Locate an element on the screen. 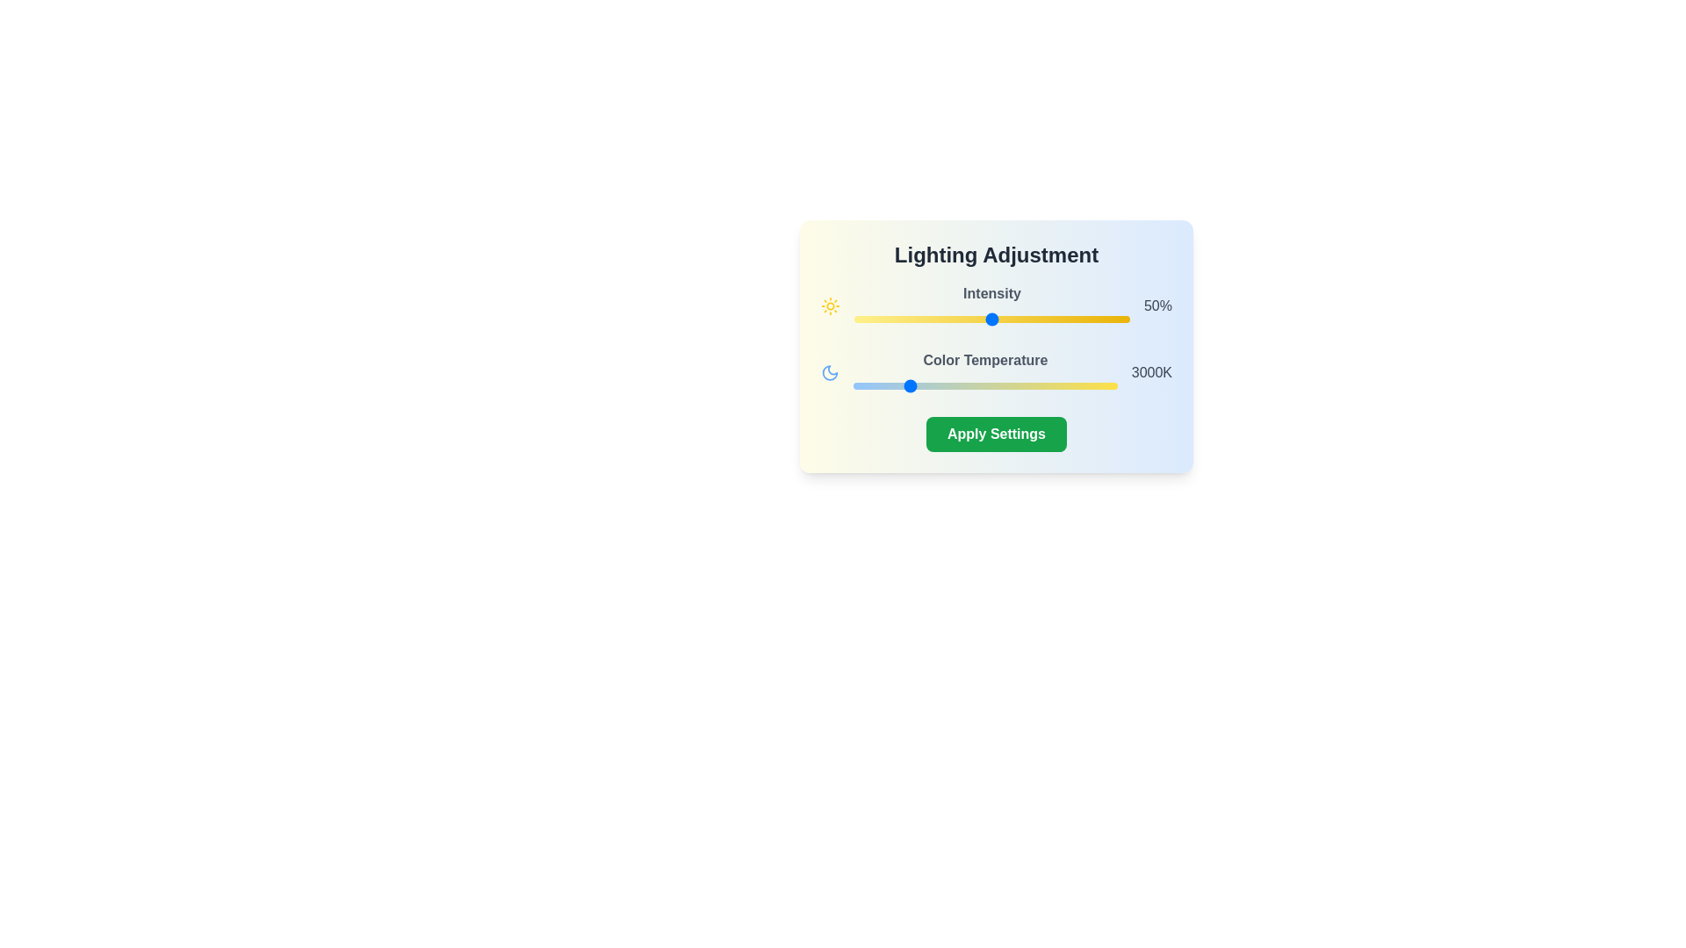 The height and width of the screenshot is (948, 1686). the 'Apply Settings' button to apply the current lighting settings is located at coordinates (996, 434).